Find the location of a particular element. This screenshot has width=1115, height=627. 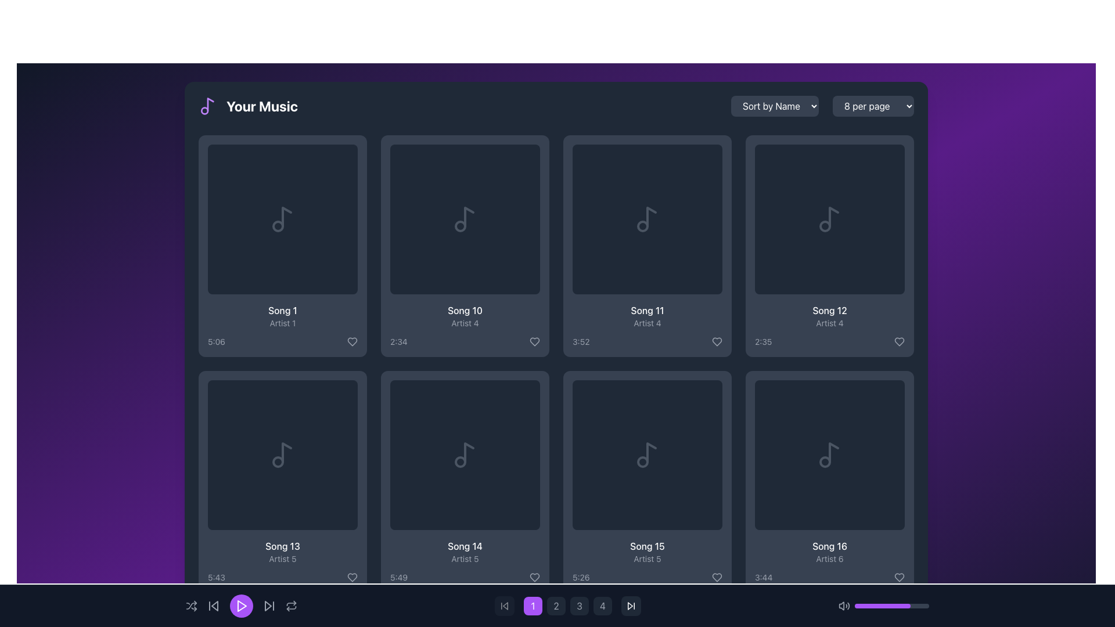

the button located in the upper-right corner of the main content area, to the left of the '8 per page' dropdown is located at coordinates (775, 106).